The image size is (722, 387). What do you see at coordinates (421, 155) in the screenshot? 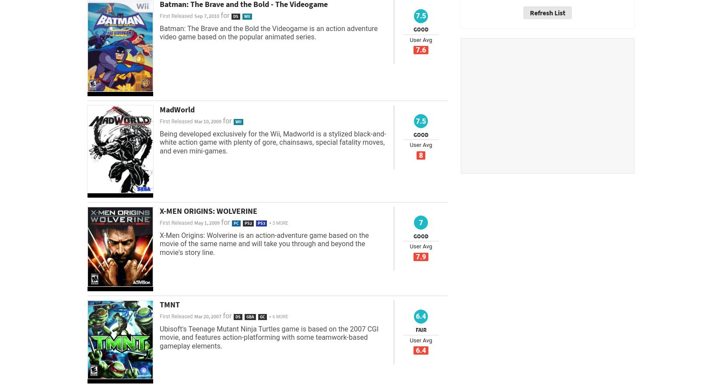
I see `'8'` at bounding box center [421, 155].